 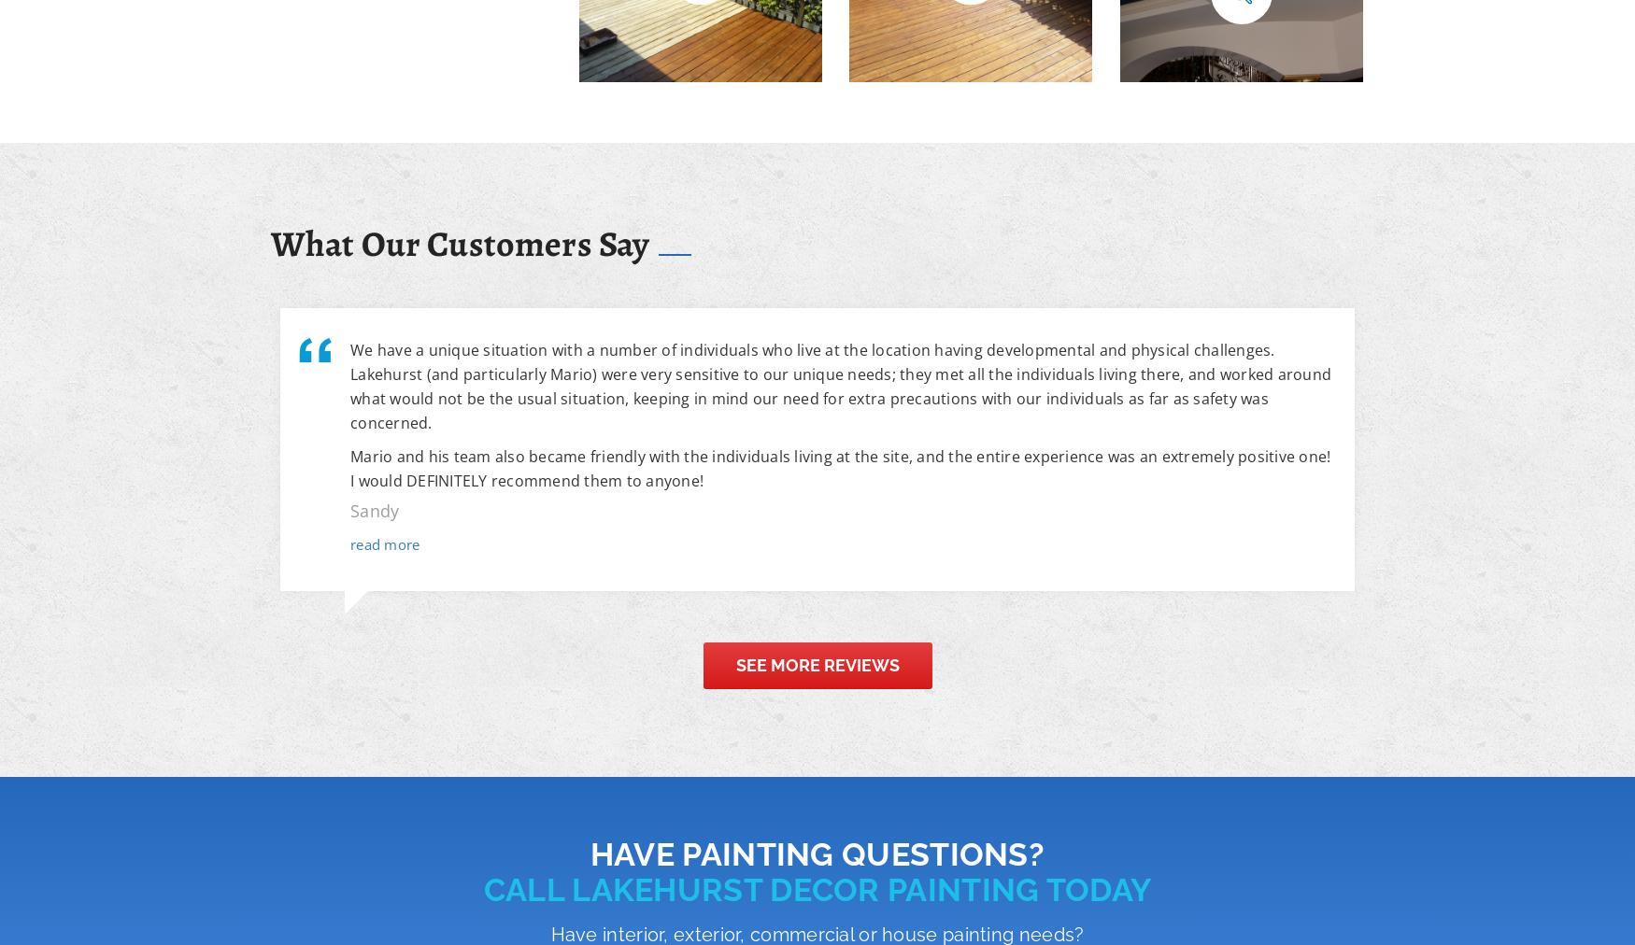 I want to click on 'Call Lakehurst Decor Painting Today', so click(x=481, y=888).